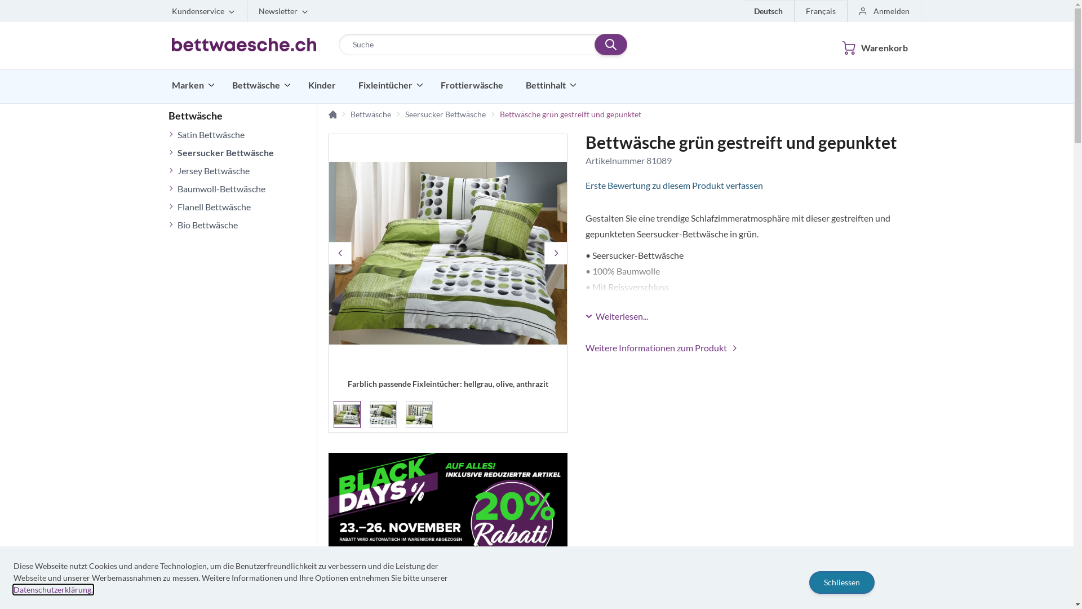  Describe the element at coordinates (283, 11) in the screenshot. I see `'Newsletter'` at that location.